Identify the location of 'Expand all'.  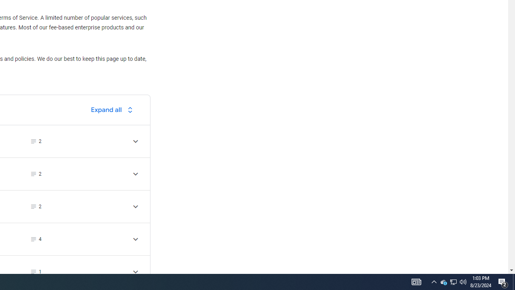
(113, 110).